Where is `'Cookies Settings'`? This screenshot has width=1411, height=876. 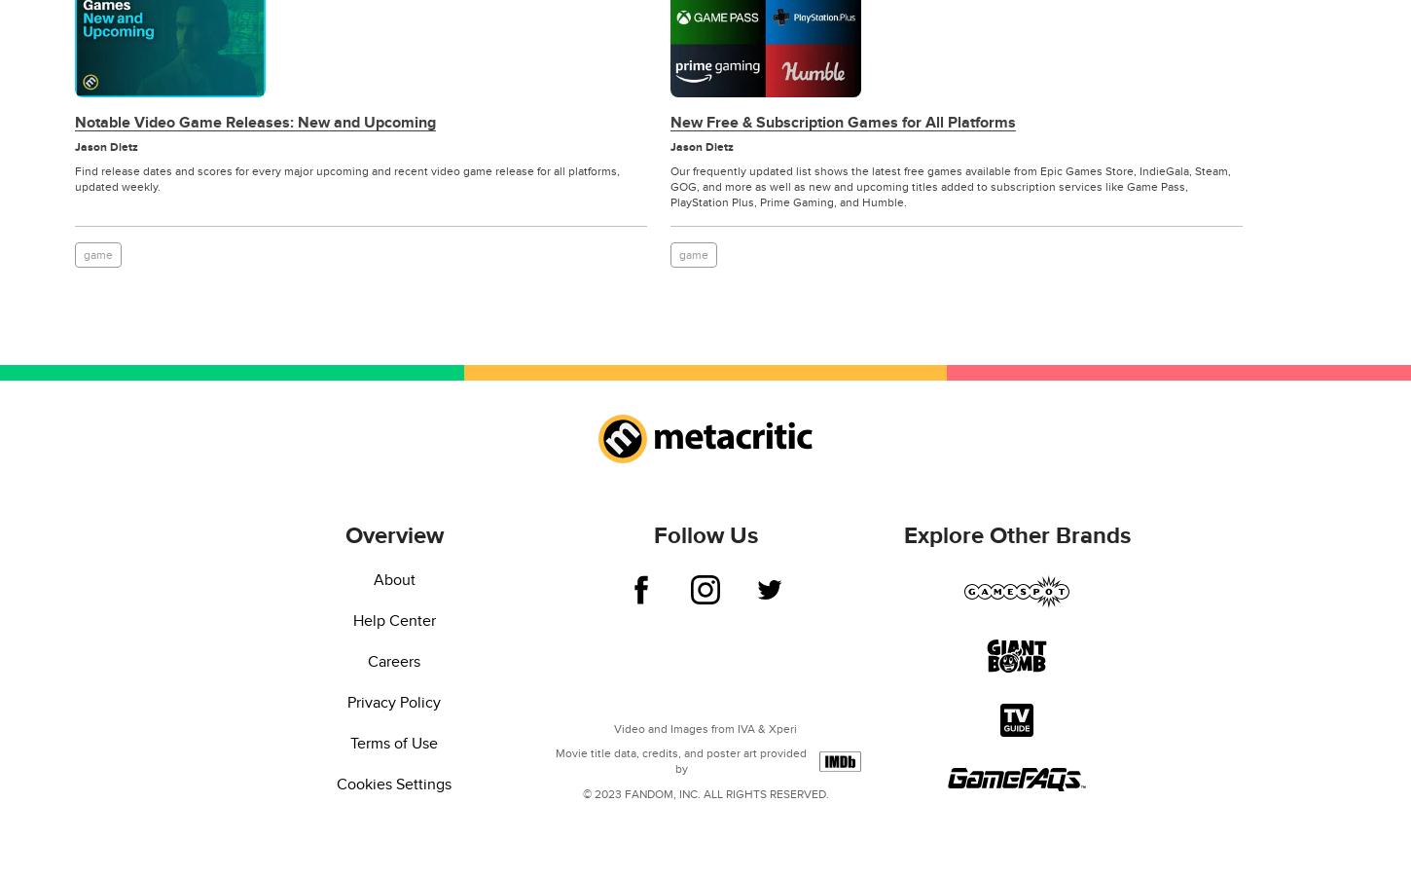
'Cookies Settings' is located at coordinates (336, 785).